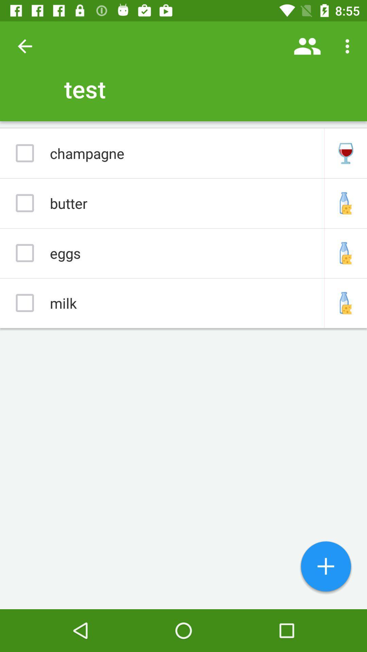 Image resolution: width=367 pixels, height=652 pixels. Describe the element at coordinates (346, 253) in the screenshot. I see `icon right side of eggs option` at that location.